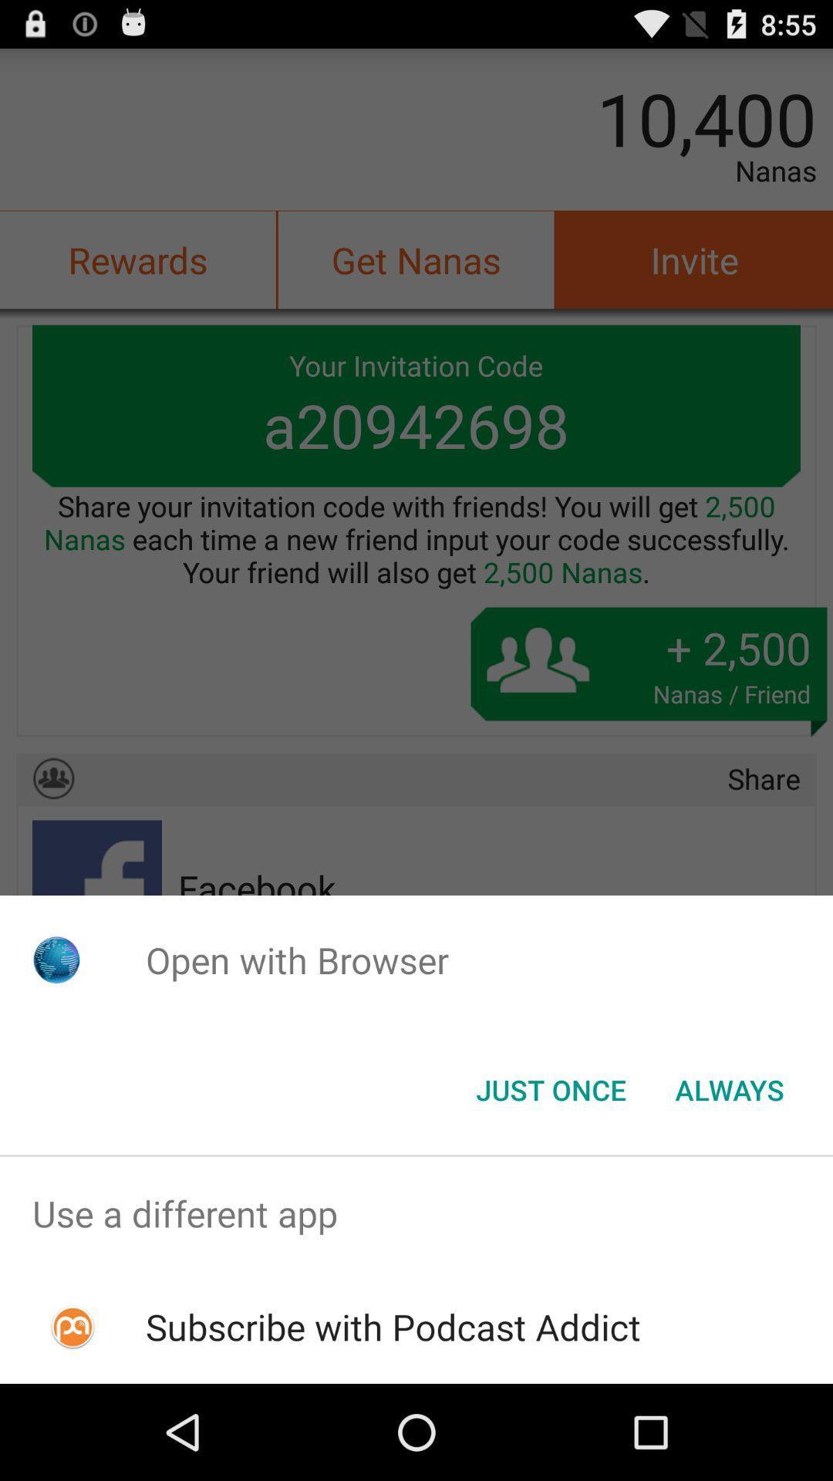  I want to click on the just once item, so click(550, 1088).